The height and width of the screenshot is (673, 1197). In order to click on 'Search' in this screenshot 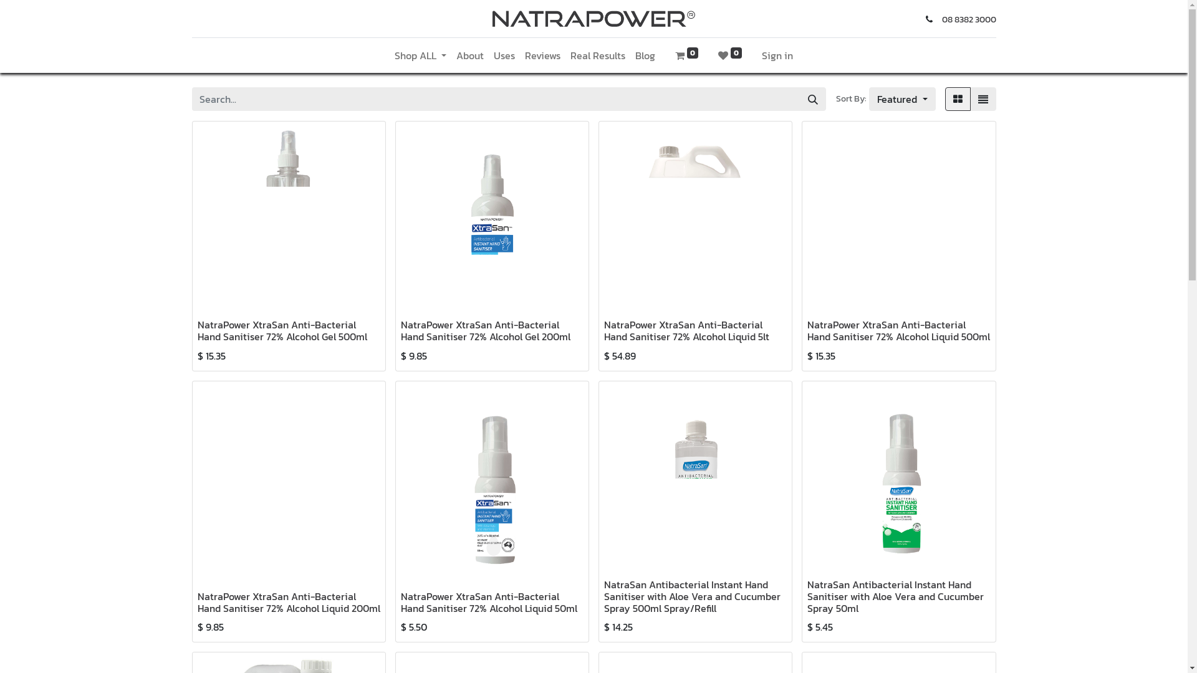, I will do `click(813, 98)`.